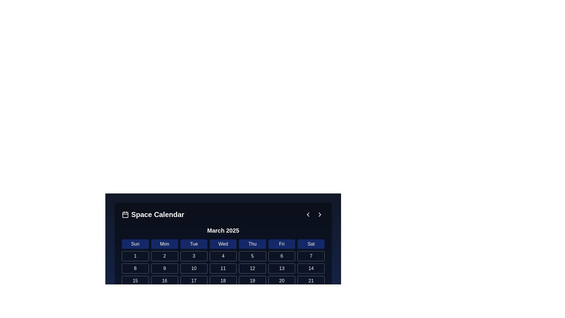 This screenshot has width=565, height=318. I want to click on the 'Thursday' header label in the calendar view, which is the fifth item in the first row of a seven-column grid, so click(252, 244).